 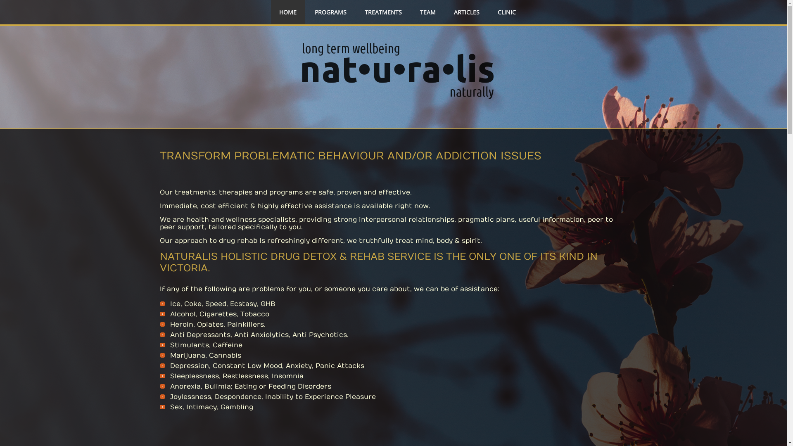 I want to click on 'TEAM', so click(x=428, y=12).